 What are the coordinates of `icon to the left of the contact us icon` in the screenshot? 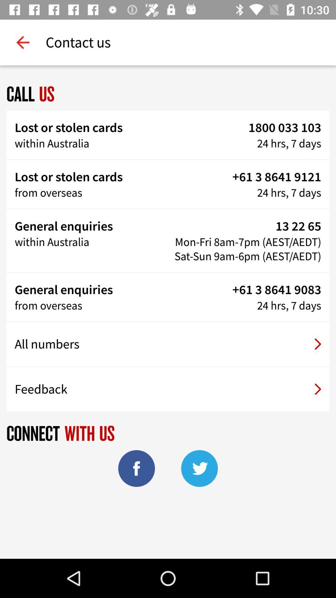 It's located at (22, 42).